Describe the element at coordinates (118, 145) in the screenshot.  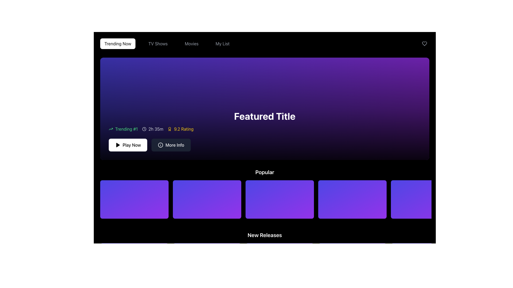
I see `the small, right-pointing triangle SVG icon located within the 'Play Now' button, which is situated below the purple gradient rectangle labeled 'Featured Title'` at that location.